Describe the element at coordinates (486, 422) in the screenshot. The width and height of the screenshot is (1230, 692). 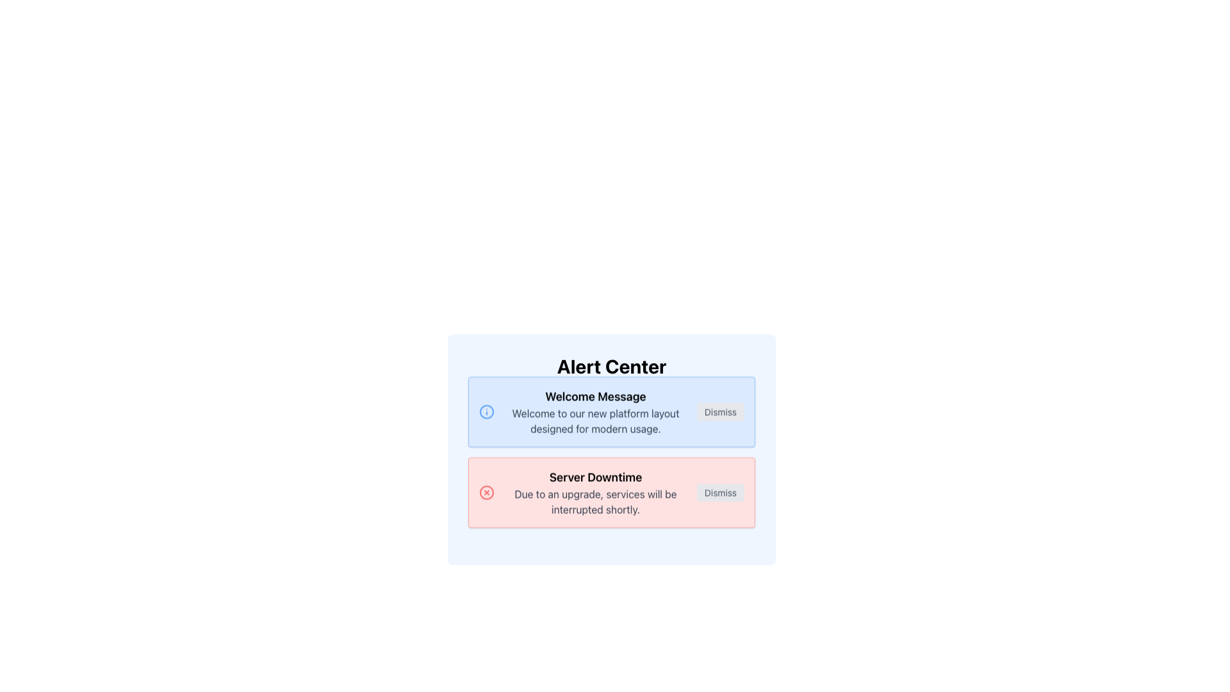
I see `the circular graphic element with a blue outline located within the information icon to the left of the 'Welcome Message' section` at that location.